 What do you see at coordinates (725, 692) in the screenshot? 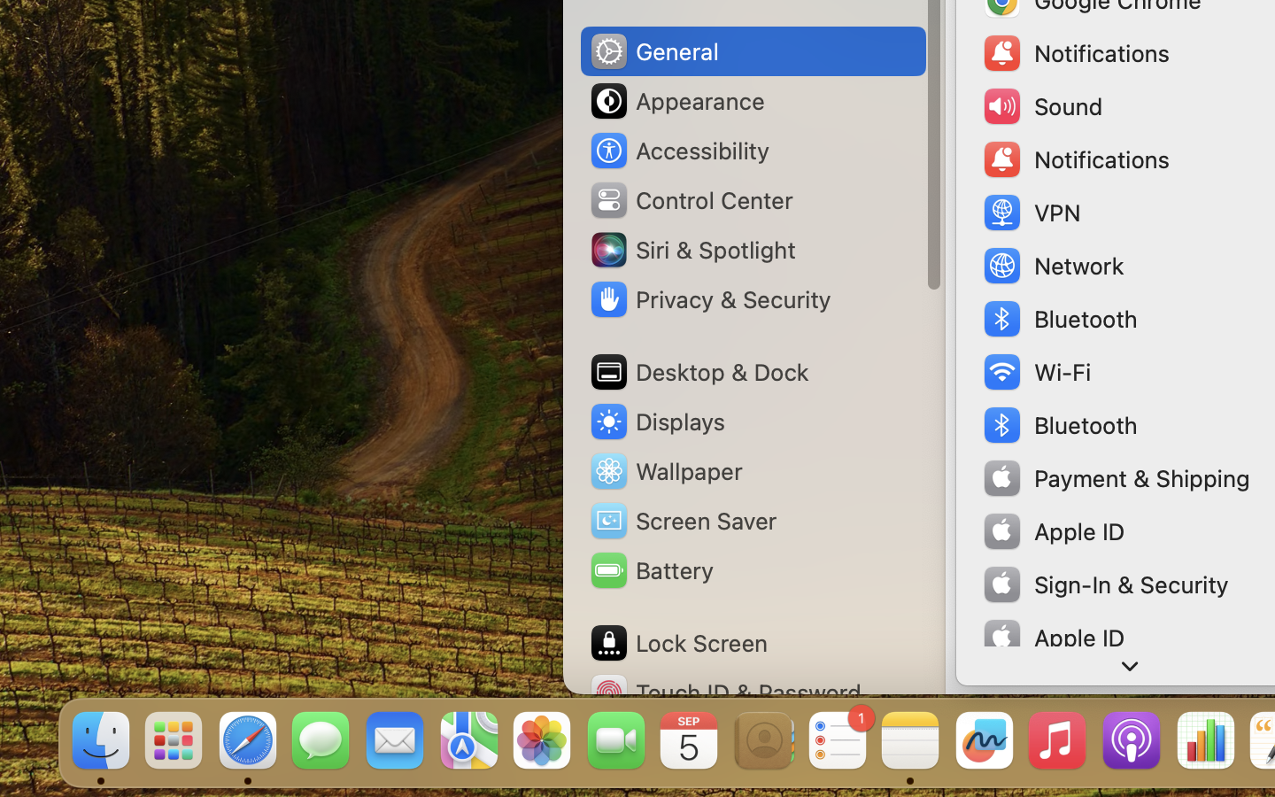
I see `'Touch ID & Password'` at bounding box center [725, 692].